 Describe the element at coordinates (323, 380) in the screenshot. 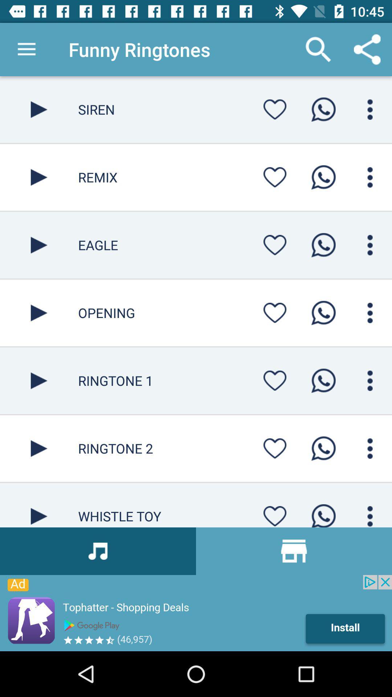

I see `call selected contact` at that location.